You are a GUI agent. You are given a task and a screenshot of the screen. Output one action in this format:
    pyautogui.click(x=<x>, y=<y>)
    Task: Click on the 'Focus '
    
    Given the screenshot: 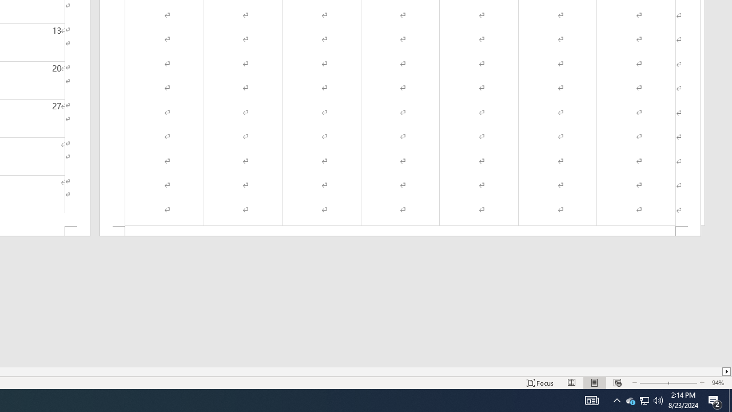 What is the action you would take?
    pyautogui.click(x=539, y=383)
    